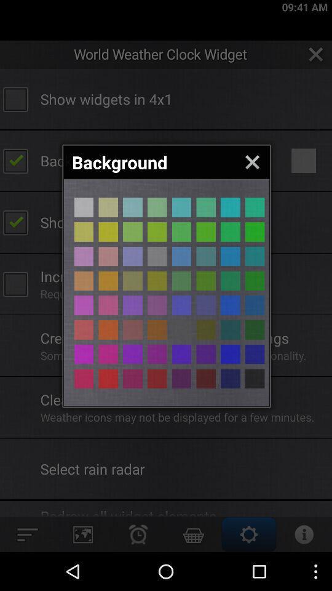 The image size is (332, 591). Describe the element at coordinates (83, 305) in the screenshot. I see `background colour selection` at that location.